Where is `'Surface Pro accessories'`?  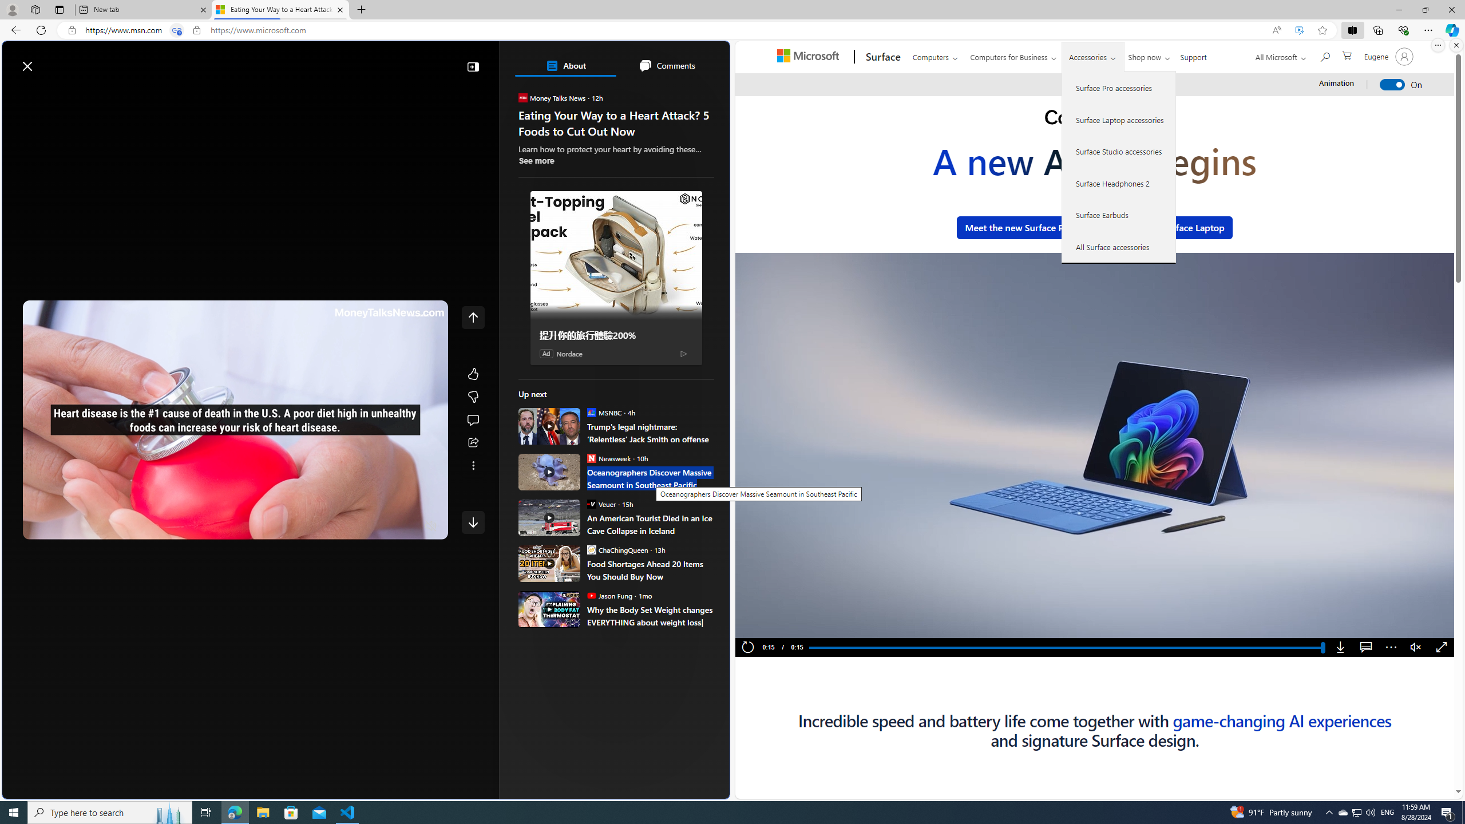 'Surface Pro accessories' is located at coordinates (1118, 88).